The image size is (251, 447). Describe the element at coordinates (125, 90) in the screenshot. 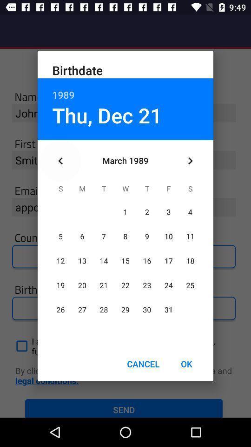

I see `1989 item` at that location.